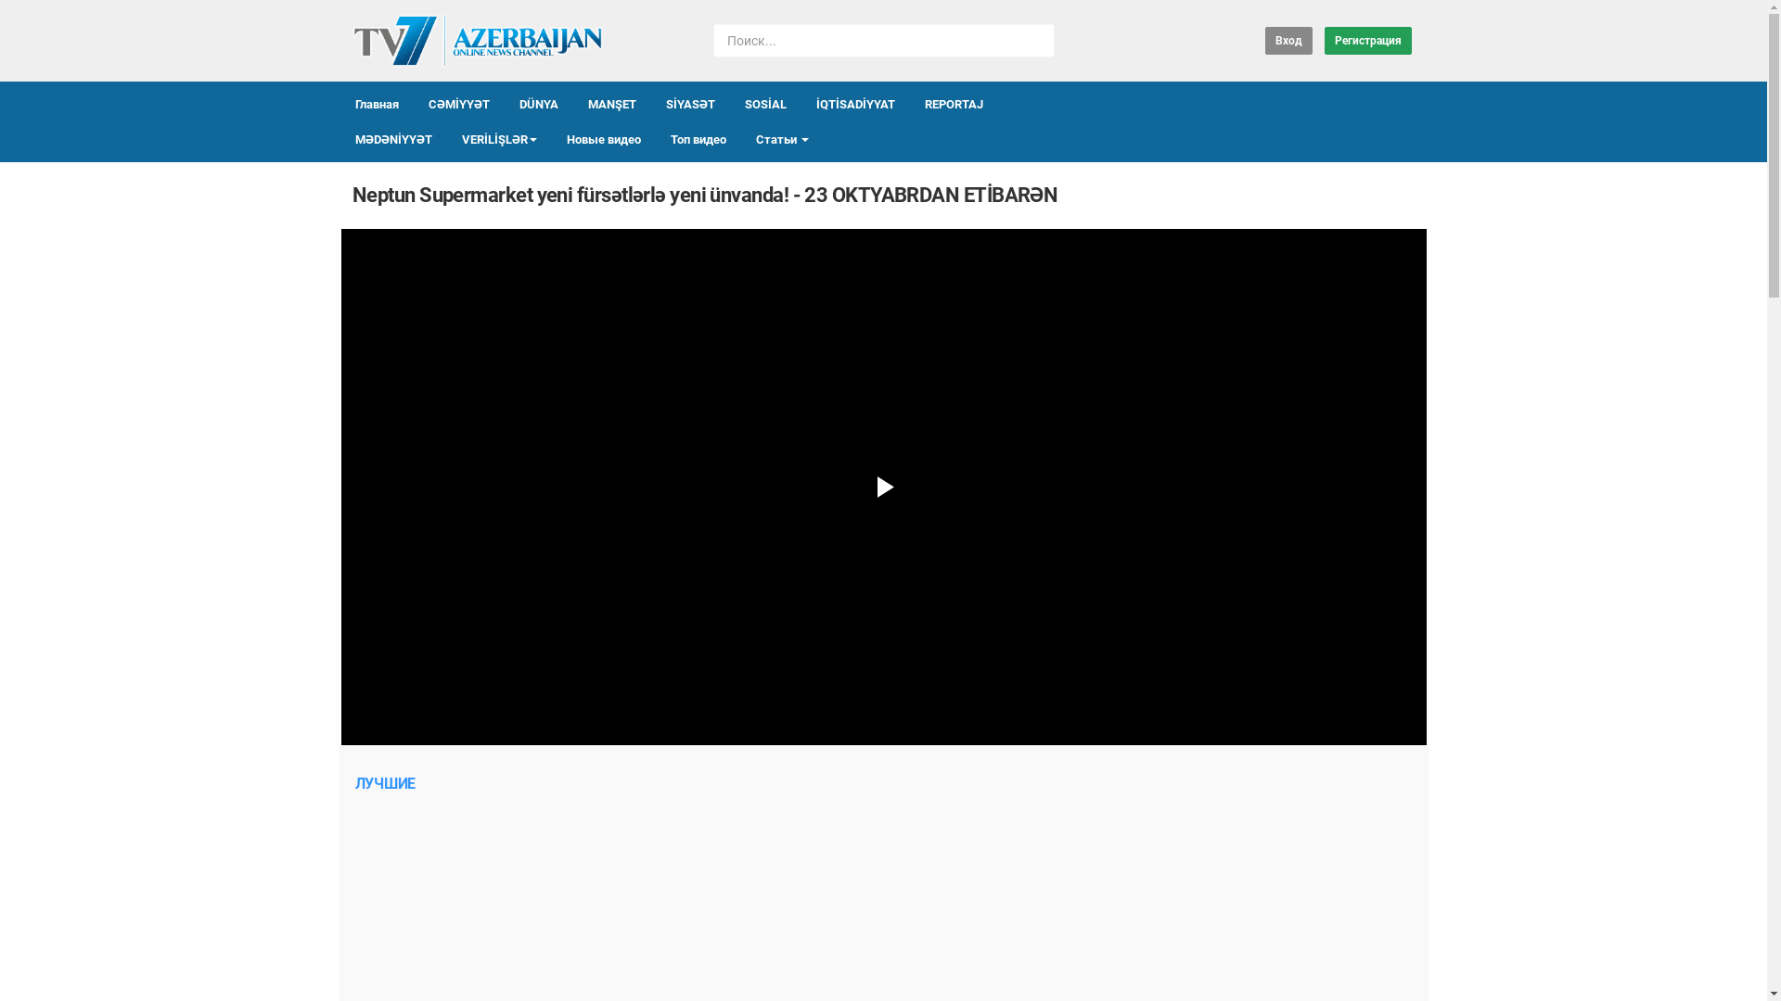 The height and width of the screenshot is (1001, 1781). What do you see at coordinates (477, 40) in the screenshot?
I see `'TV7.az'` at bounding box center [477, 40].